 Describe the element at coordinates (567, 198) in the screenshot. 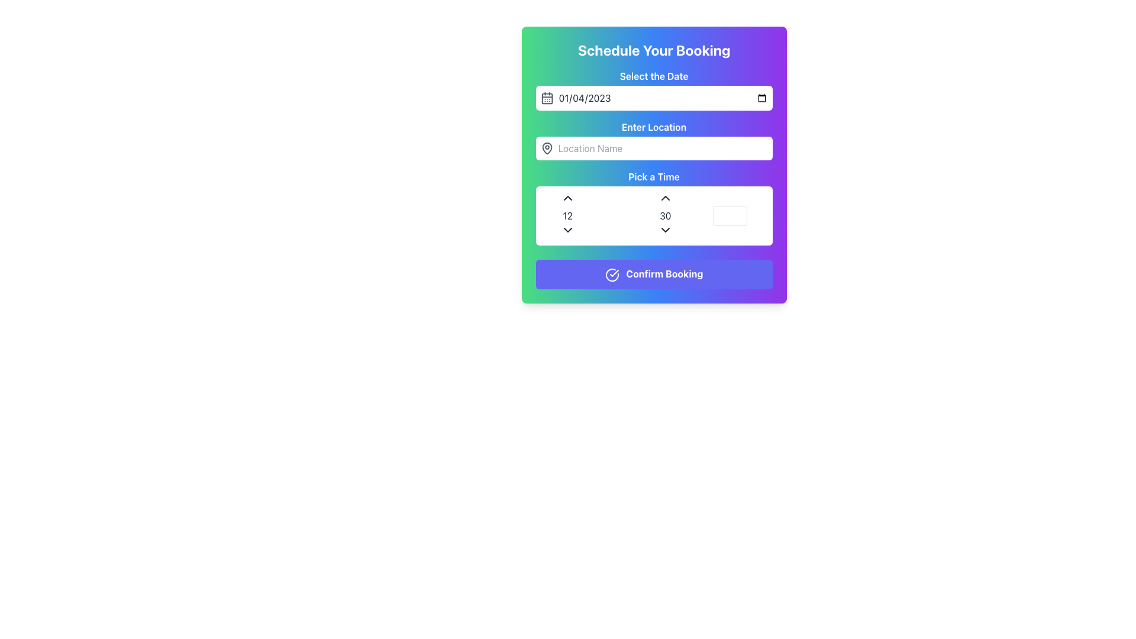

I see `the upward-pointing chevron icon button to increment the value displayed below, which is '12'` at that location.